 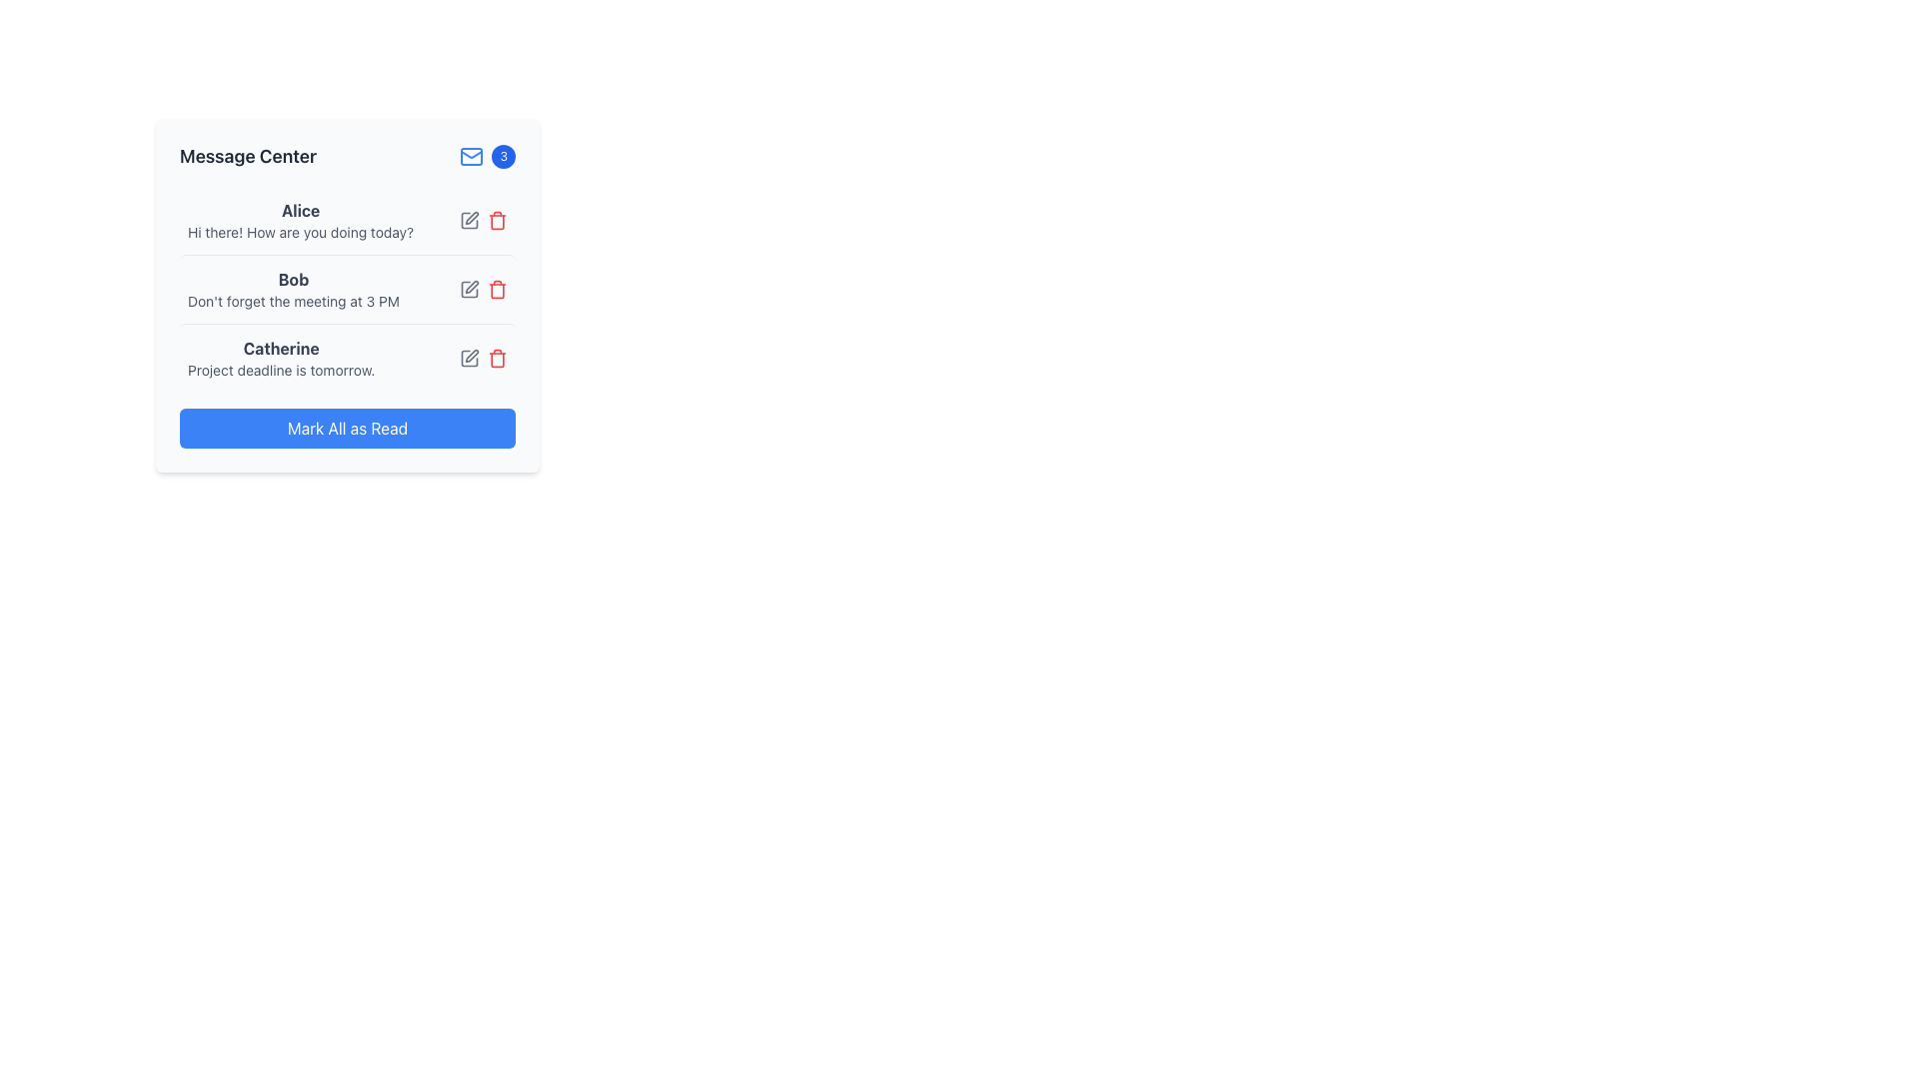 What do you see at coordinates (347, 289) in the screenshot?
I see `an individual message item in the vertically stacked message list, located in the middle portion of the 'Message Center' section` at bounding box center [347, 289].